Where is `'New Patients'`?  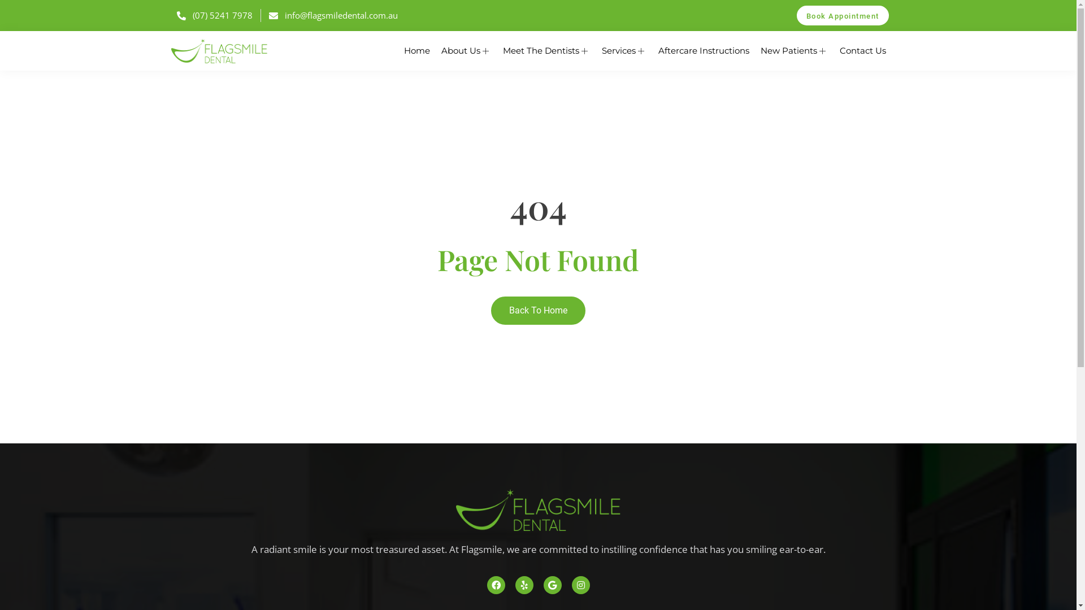 'New Patients' is located at coordinates (794, 50).